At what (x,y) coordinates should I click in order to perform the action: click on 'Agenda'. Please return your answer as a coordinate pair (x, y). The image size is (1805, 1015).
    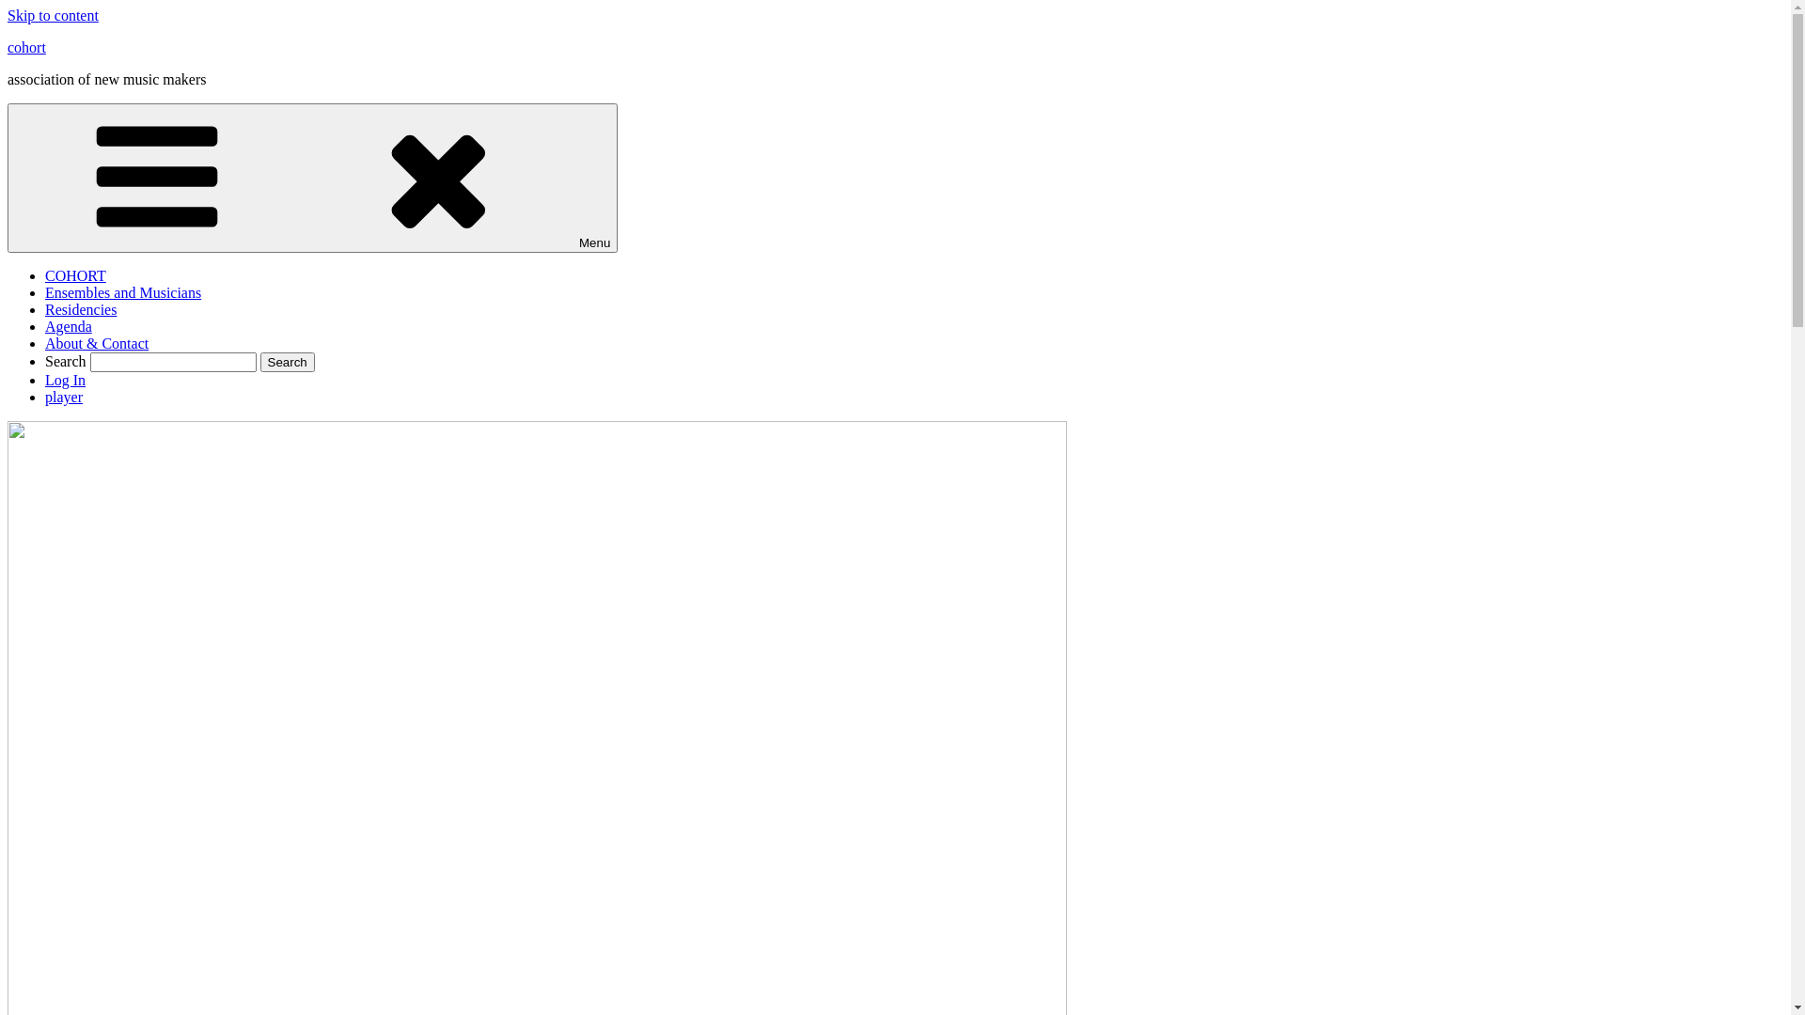
    Looking at the image, I should click on (45, 325).